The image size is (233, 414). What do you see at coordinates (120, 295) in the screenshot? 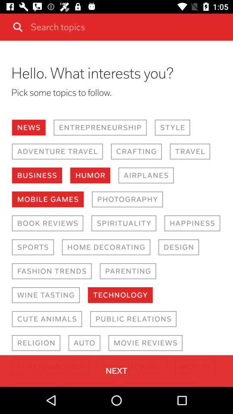
I see `the item to the right of wine tasting item` at bounding box center [120, 295].